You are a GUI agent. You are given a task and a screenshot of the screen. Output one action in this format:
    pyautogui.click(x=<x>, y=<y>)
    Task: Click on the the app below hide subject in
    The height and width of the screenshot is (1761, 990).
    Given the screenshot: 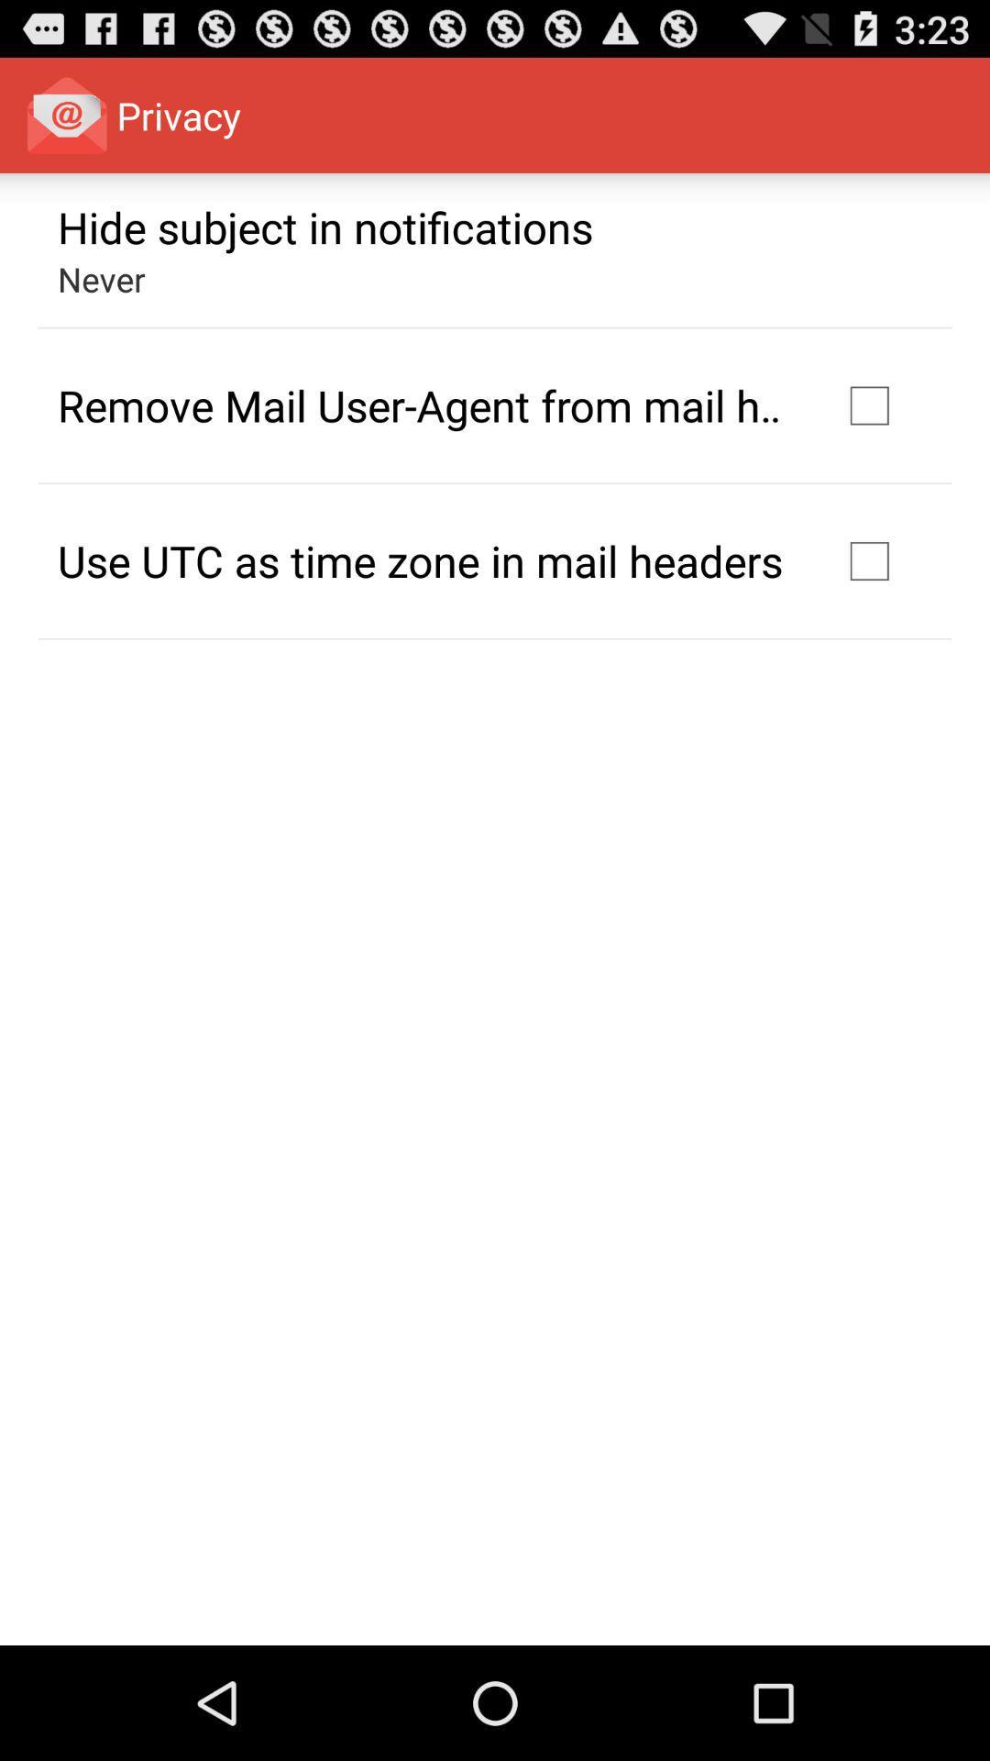 What is the action you would take?
    pyautogui.click(x=102, y=278)
    